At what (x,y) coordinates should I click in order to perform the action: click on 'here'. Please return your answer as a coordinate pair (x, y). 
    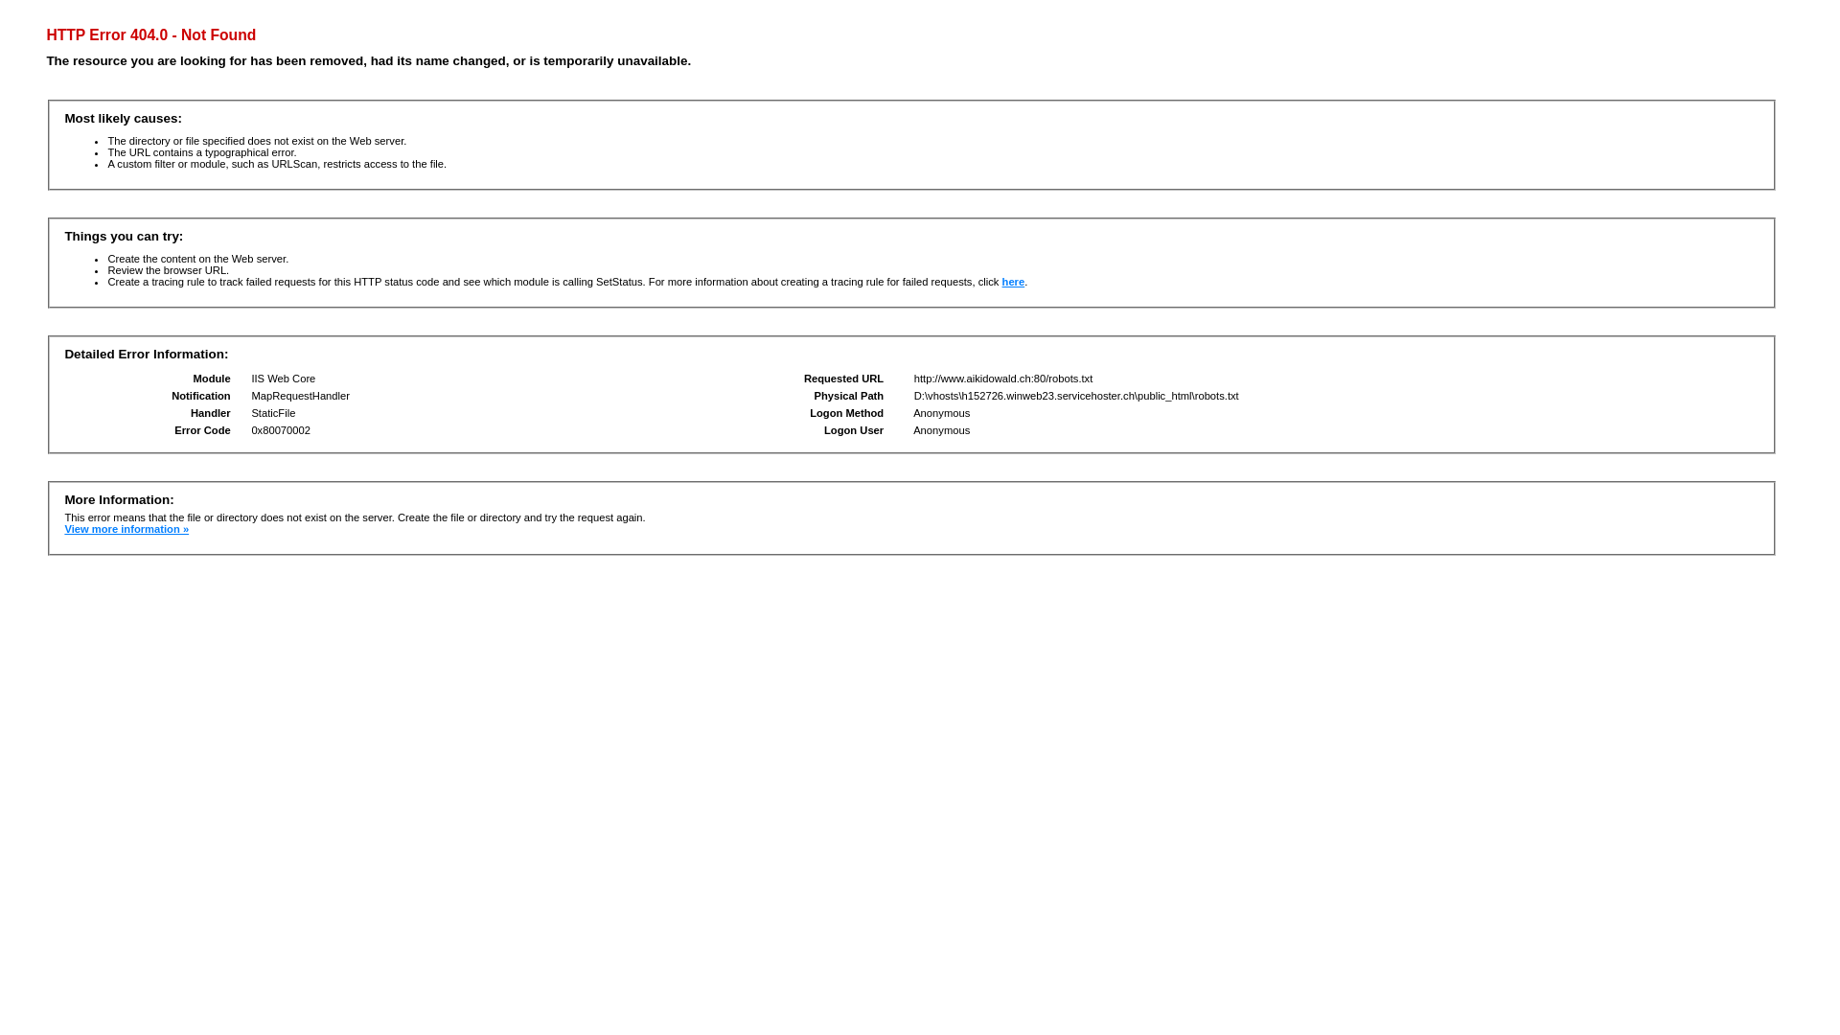
    Looking at the image, I should click on (1012, 281).